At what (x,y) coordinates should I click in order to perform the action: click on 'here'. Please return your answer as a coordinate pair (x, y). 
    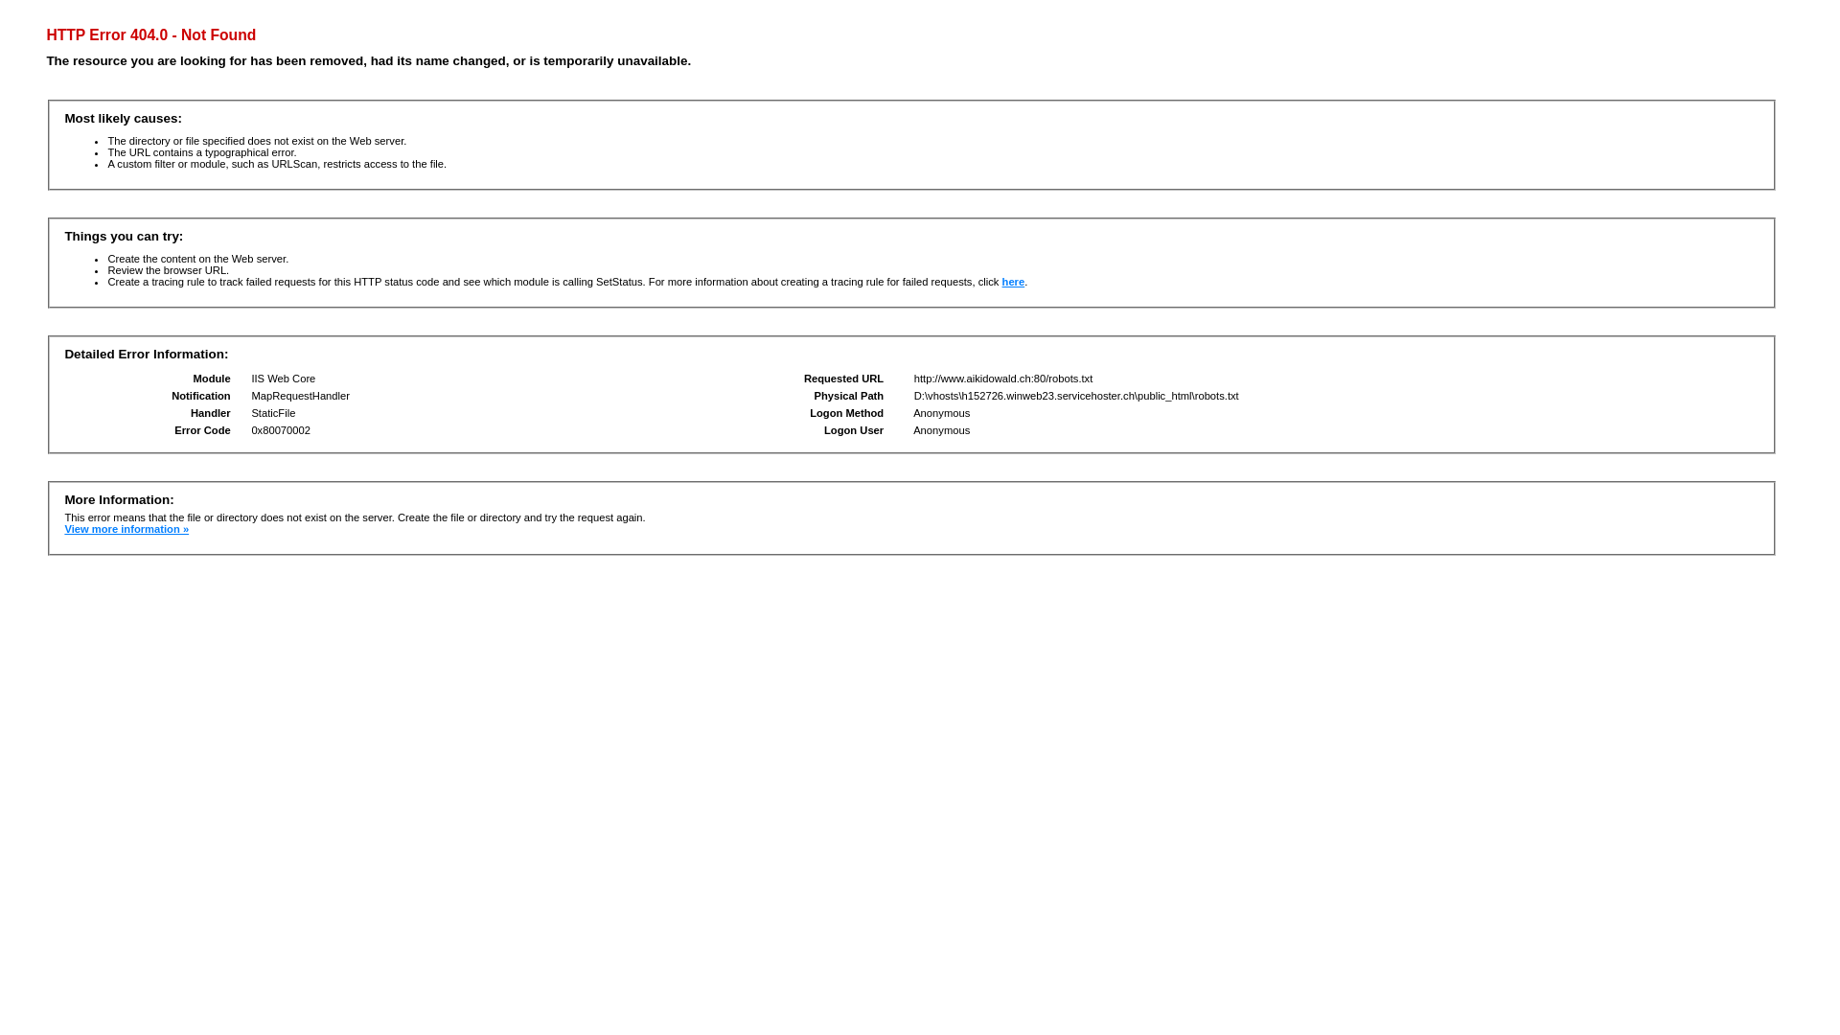
    Looking at the image, I should click on (1012, 281).